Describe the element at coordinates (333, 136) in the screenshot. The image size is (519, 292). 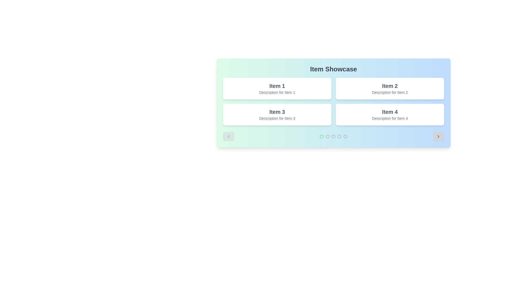
I see `the third circular navigation indicator from the left in the horizontal row of four indicators` at that location.